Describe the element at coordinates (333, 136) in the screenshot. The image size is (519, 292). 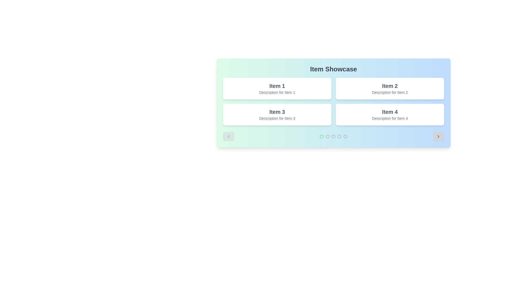
I see `the third circular navigation indicator from the left in the horizontal row of four indicators` at that location.